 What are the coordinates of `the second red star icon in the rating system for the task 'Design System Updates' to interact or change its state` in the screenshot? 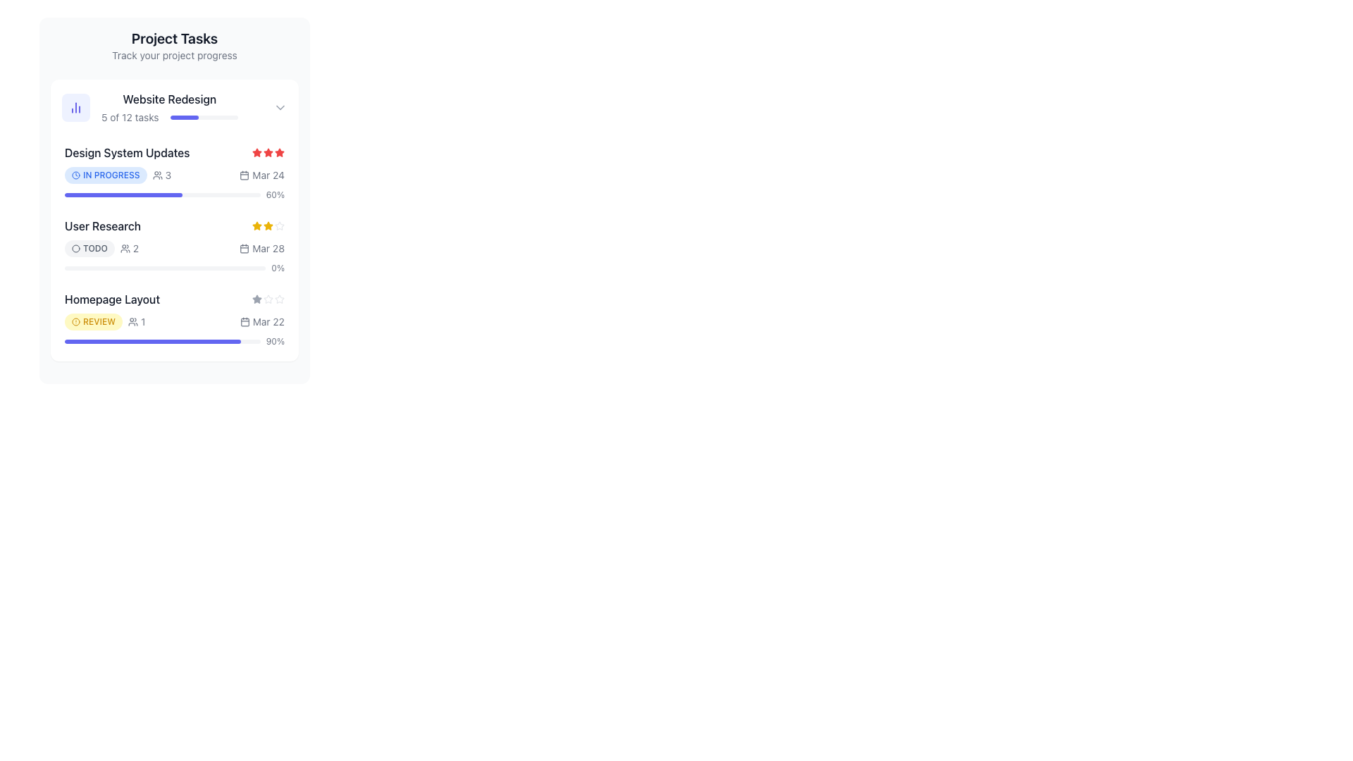 It's located at (278, 152).